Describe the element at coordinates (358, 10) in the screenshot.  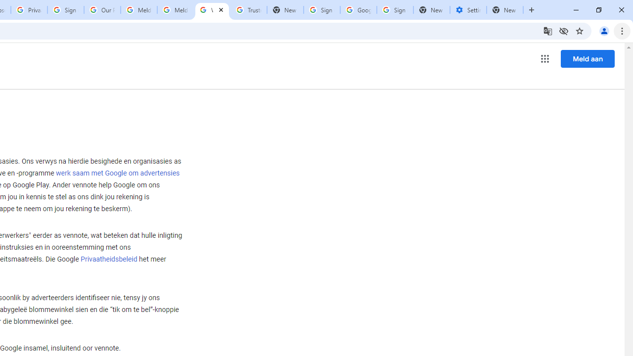
I see `'Google Cybersecurity Innovations - Google Safety Center'` at that location.